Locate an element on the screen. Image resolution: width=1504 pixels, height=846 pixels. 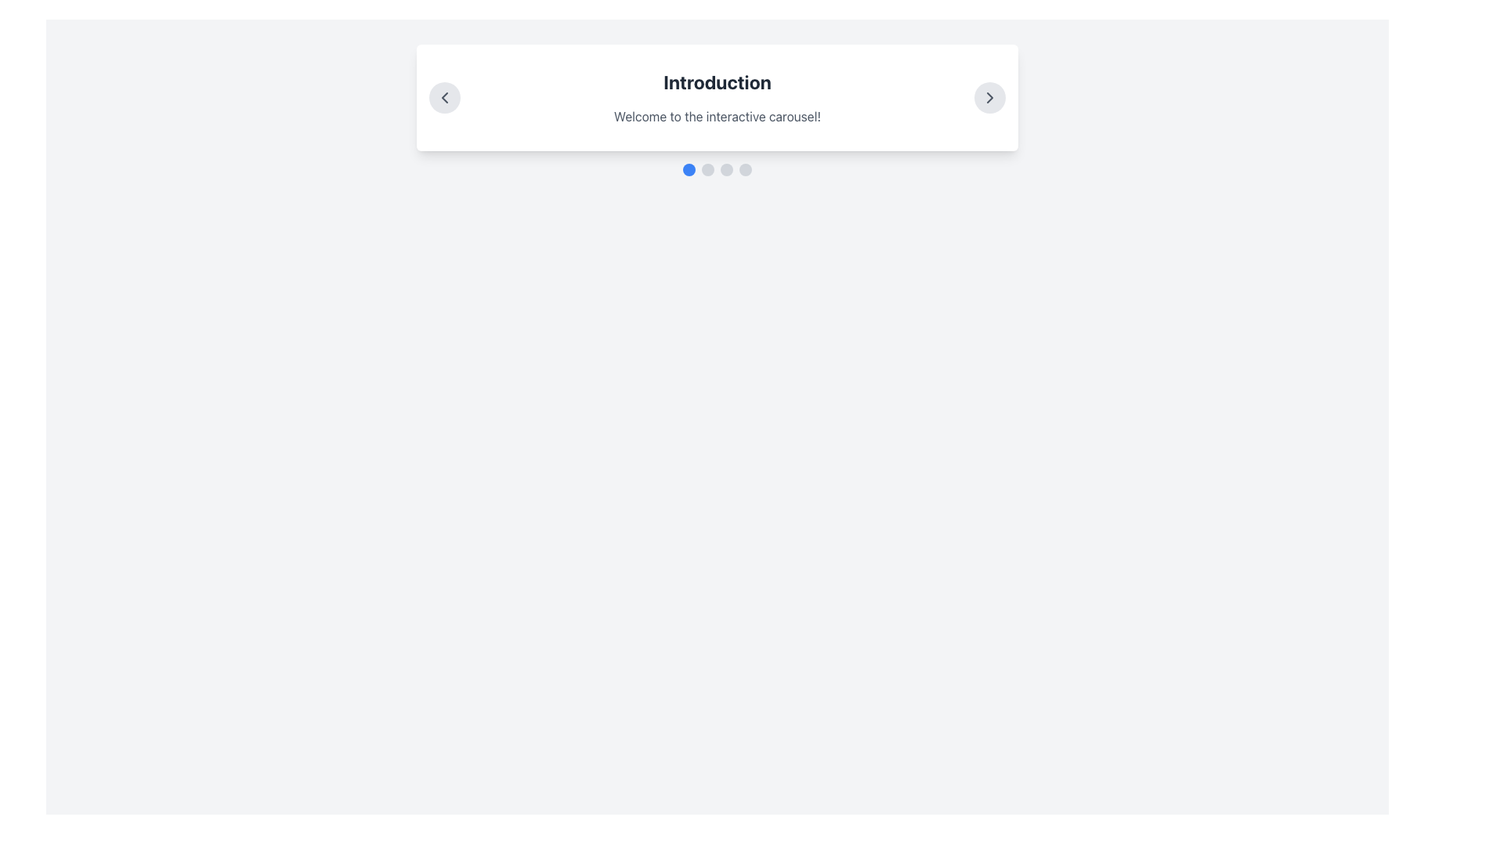
the fourth circular progress indicator with a gray background located below the 'Introduction' heading is located at coordinates (744, 169).